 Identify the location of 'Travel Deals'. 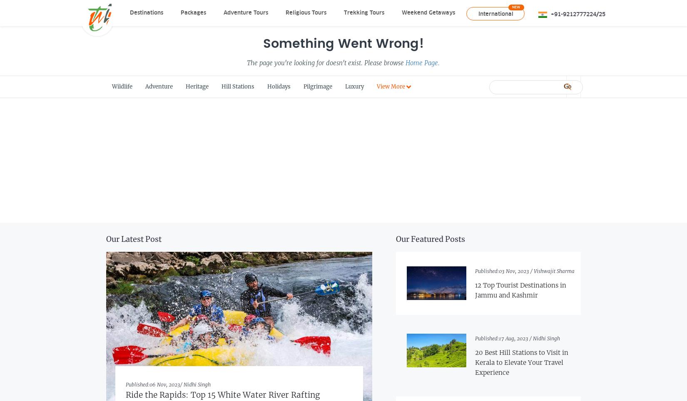
(376, 149).